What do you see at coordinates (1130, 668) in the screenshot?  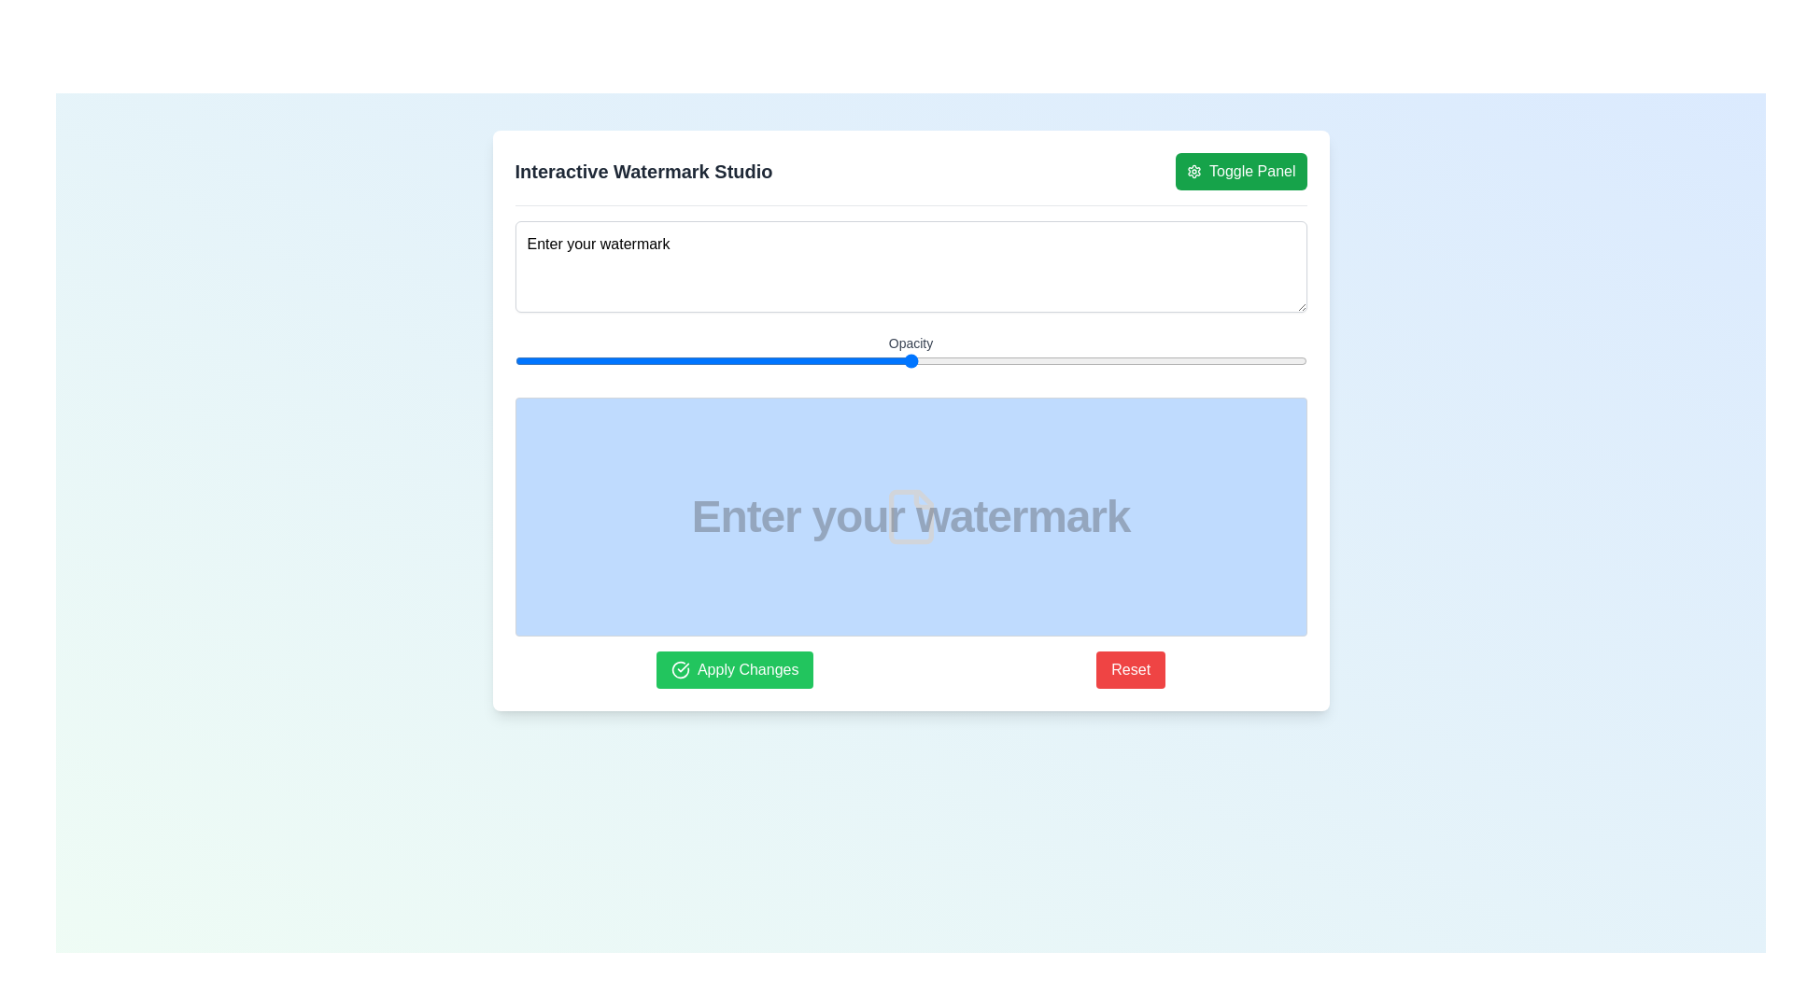 I see `the rectangular red button labeled 'Reset' to observe the styling changes` at bounding box center [1130, 668].